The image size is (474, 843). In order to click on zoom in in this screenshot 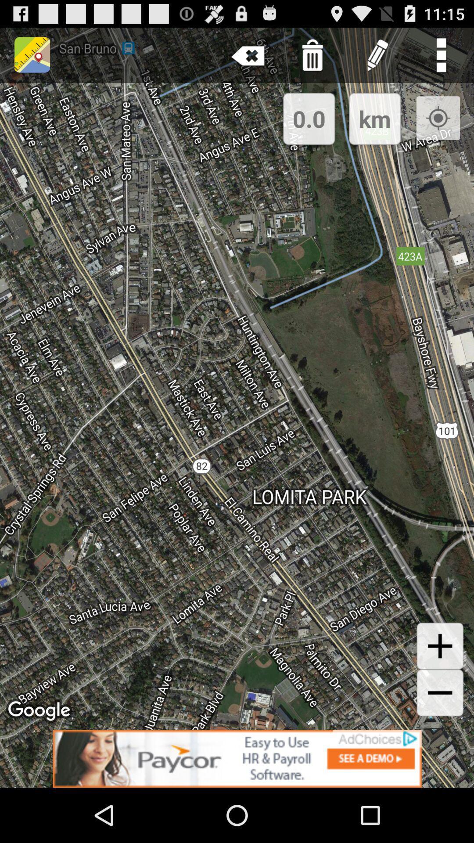, I will do `click(440, 646)`.